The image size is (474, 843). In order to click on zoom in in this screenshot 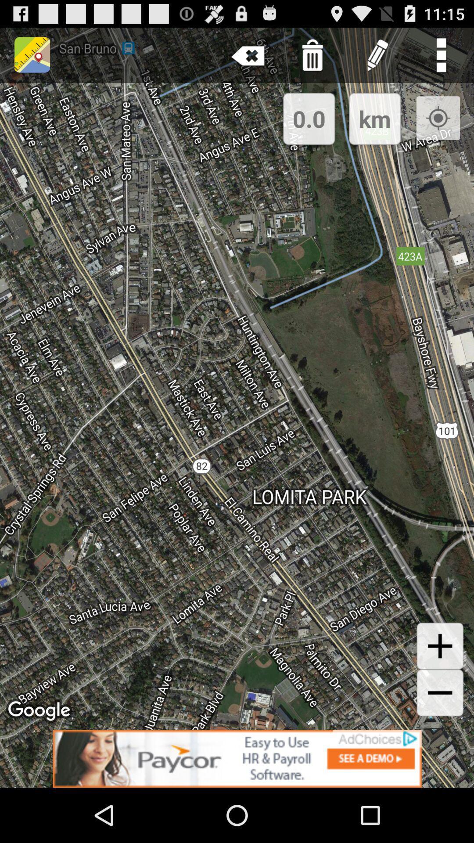, I will do `click(440, 646)`.